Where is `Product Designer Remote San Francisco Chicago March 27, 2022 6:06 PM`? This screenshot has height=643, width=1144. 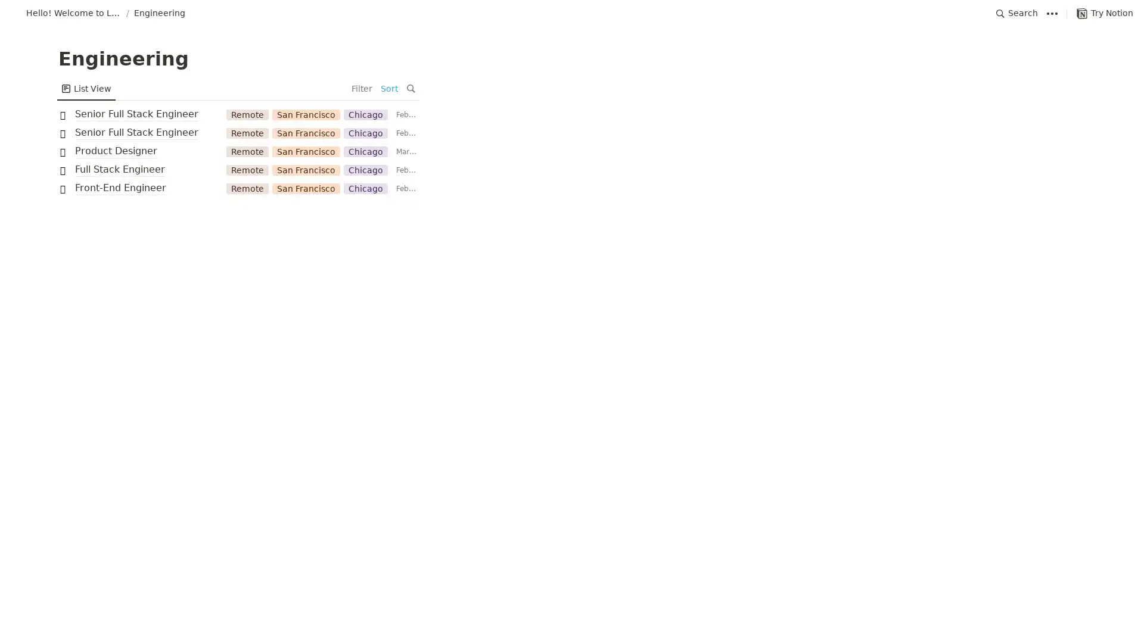 Product Designer Remote San Francisco Chicago March 27, 2022 6:06 PM is located at coordinates (572, 151).